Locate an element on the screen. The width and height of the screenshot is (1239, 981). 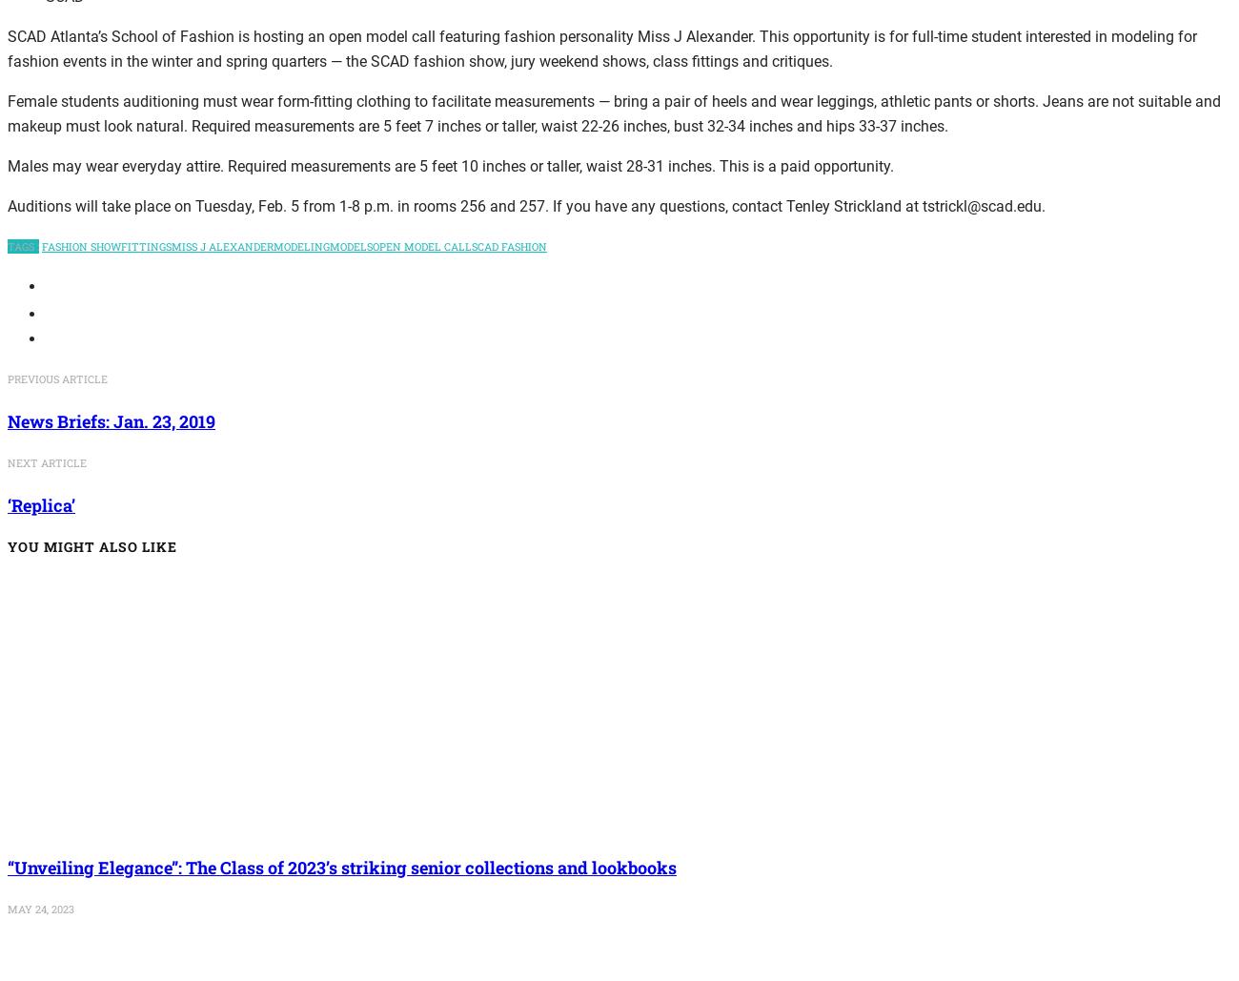
'next article' is located at coordinates (46, 461).